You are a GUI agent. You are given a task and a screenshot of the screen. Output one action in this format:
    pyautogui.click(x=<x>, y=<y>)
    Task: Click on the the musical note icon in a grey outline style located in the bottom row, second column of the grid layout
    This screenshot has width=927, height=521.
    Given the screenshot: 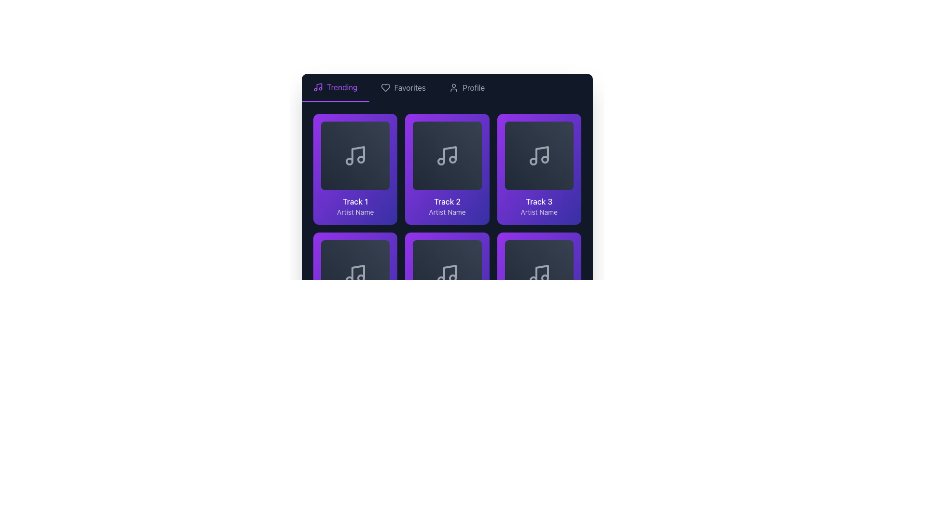 What is the action you would take?
    pyautogui.click(x=447, y=274)
    